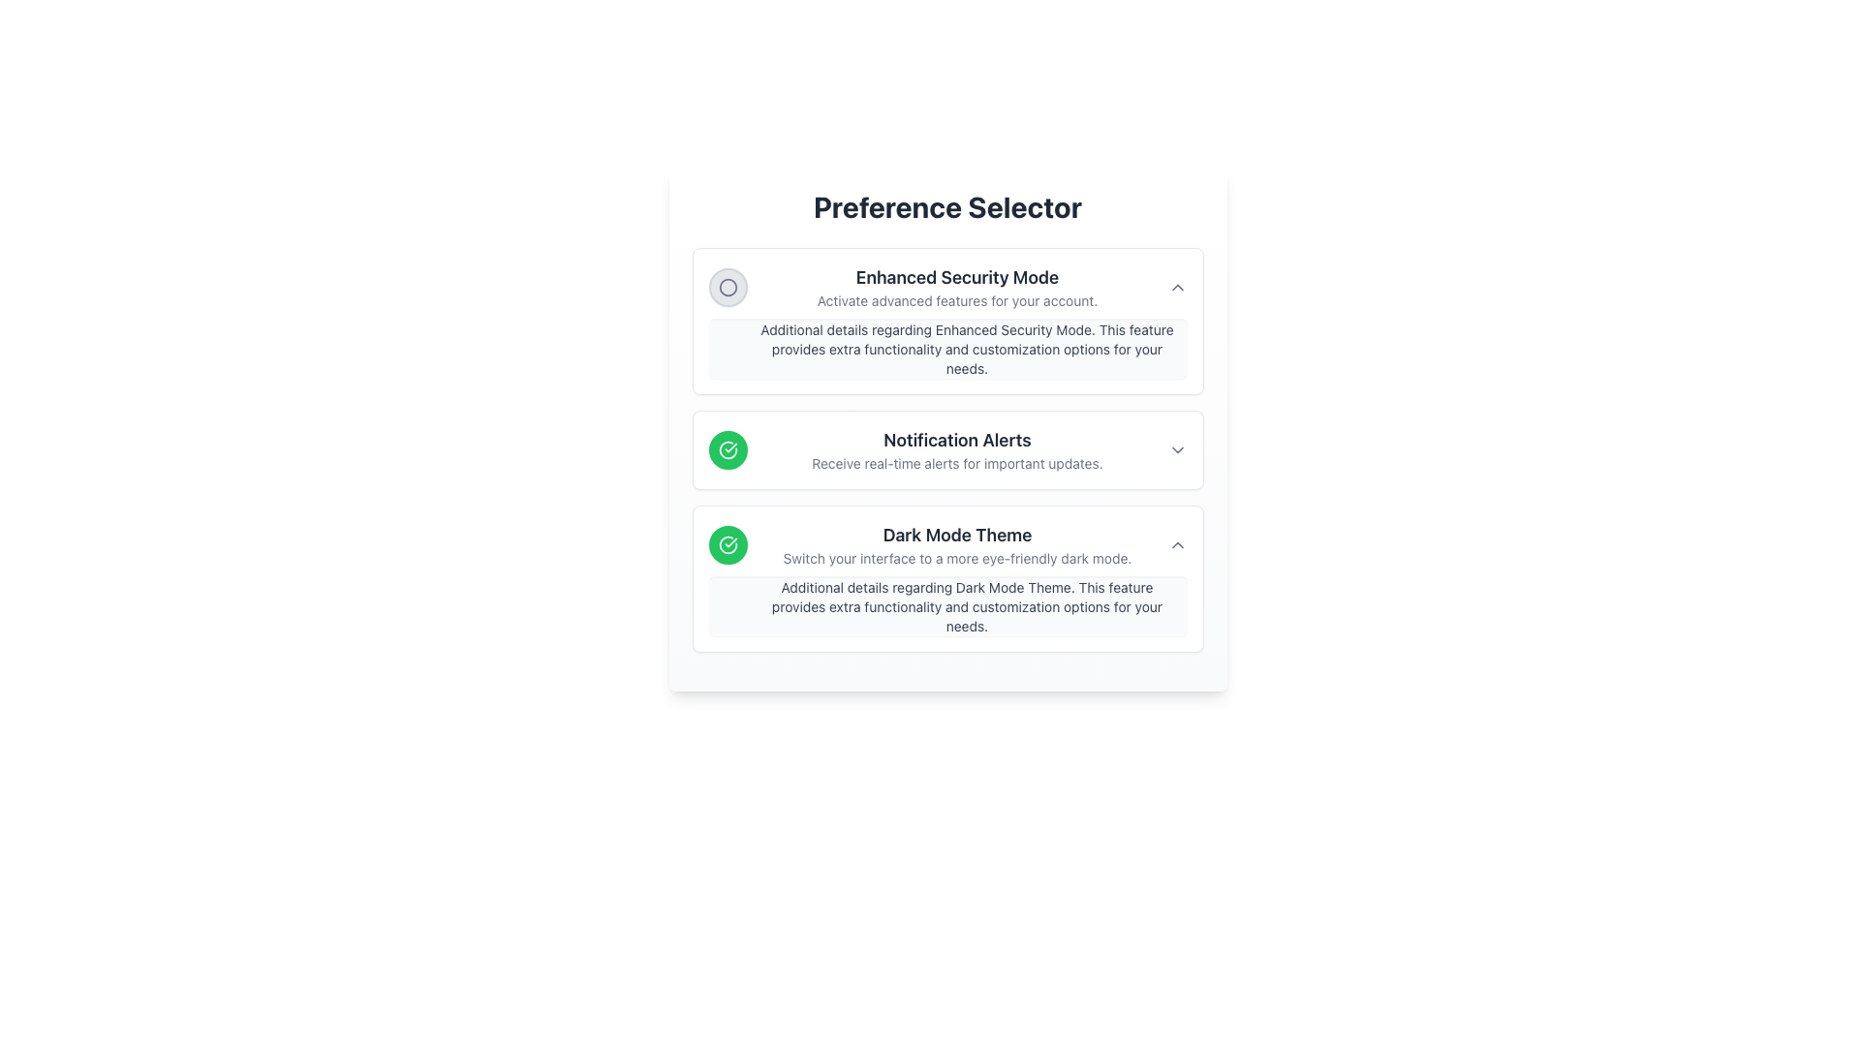  Describe the element at coordinates (957, 441) in the screenshot. I see `text from the 'Notification Alerts' Text Label, which is prominently displayed in bold, dark gray font at the top of the preferences section` at that location.